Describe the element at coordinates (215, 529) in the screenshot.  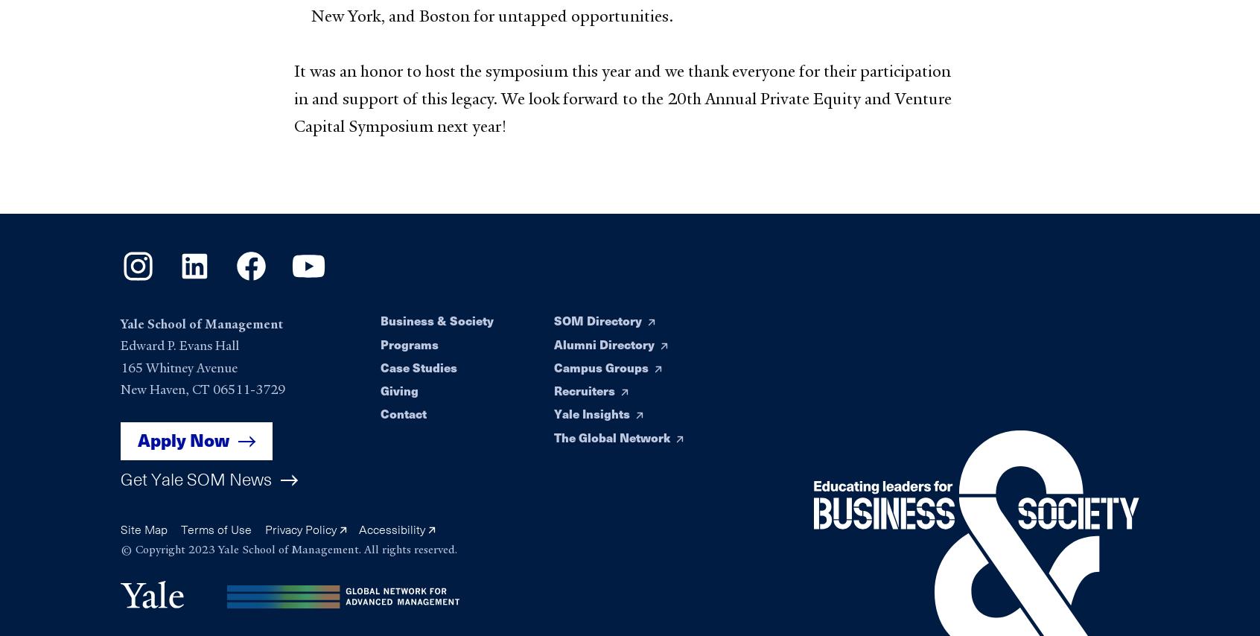
I see `'Terms of Use'` at that location.